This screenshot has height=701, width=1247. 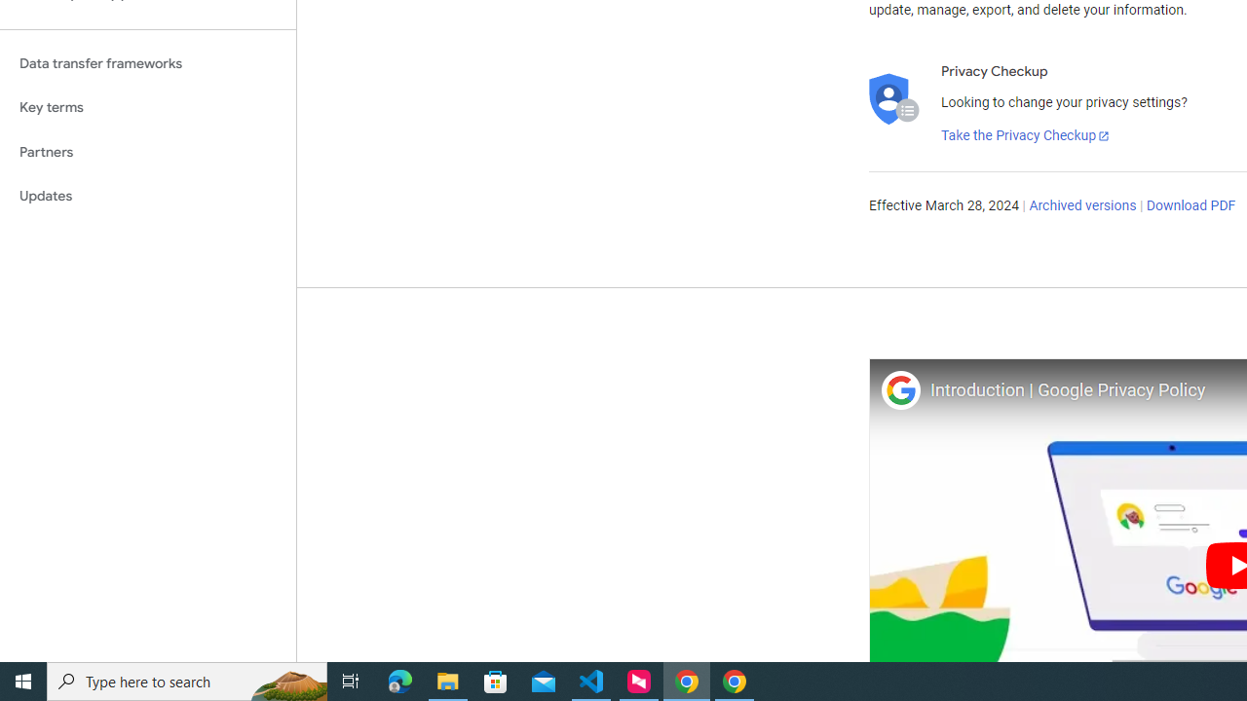 What do you see at coordinates (147, 196) in the screenshot?
I see `'Updates'` at bounding box center [147, 196].